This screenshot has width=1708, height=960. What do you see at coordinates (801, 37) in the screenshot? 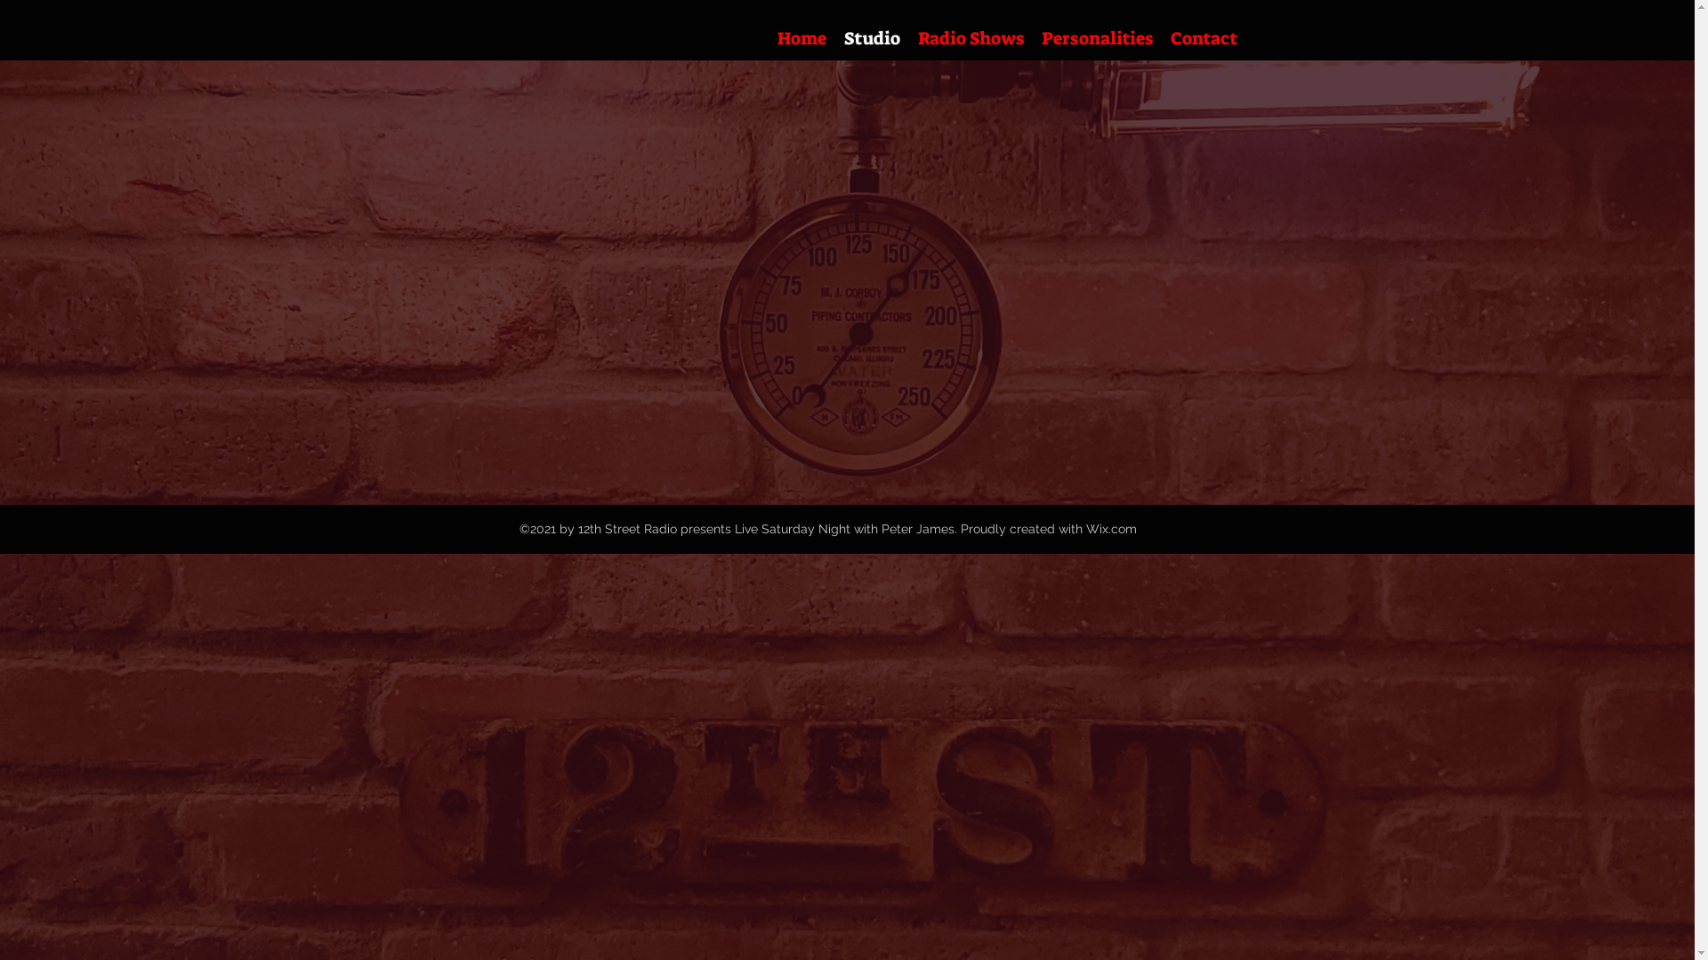
I see `'Home'` at bounding box center [801, 37].